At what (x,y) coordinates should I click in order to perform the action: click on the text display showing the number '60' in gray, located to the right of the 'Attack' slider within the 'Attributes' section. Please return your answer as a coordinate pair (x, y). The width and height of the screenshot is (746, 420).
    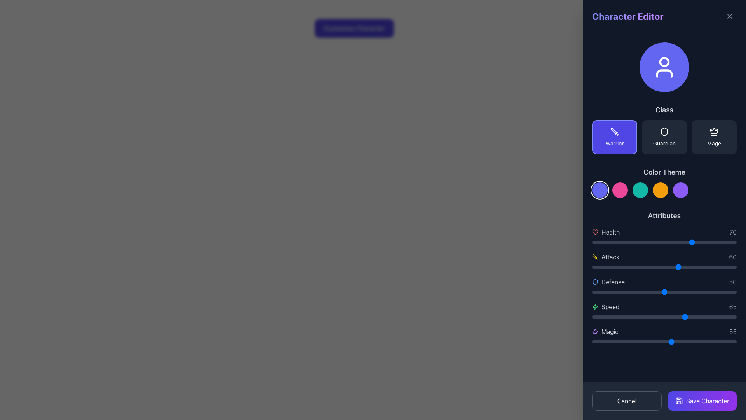
    Looking at the image, I should click on (732, 257).